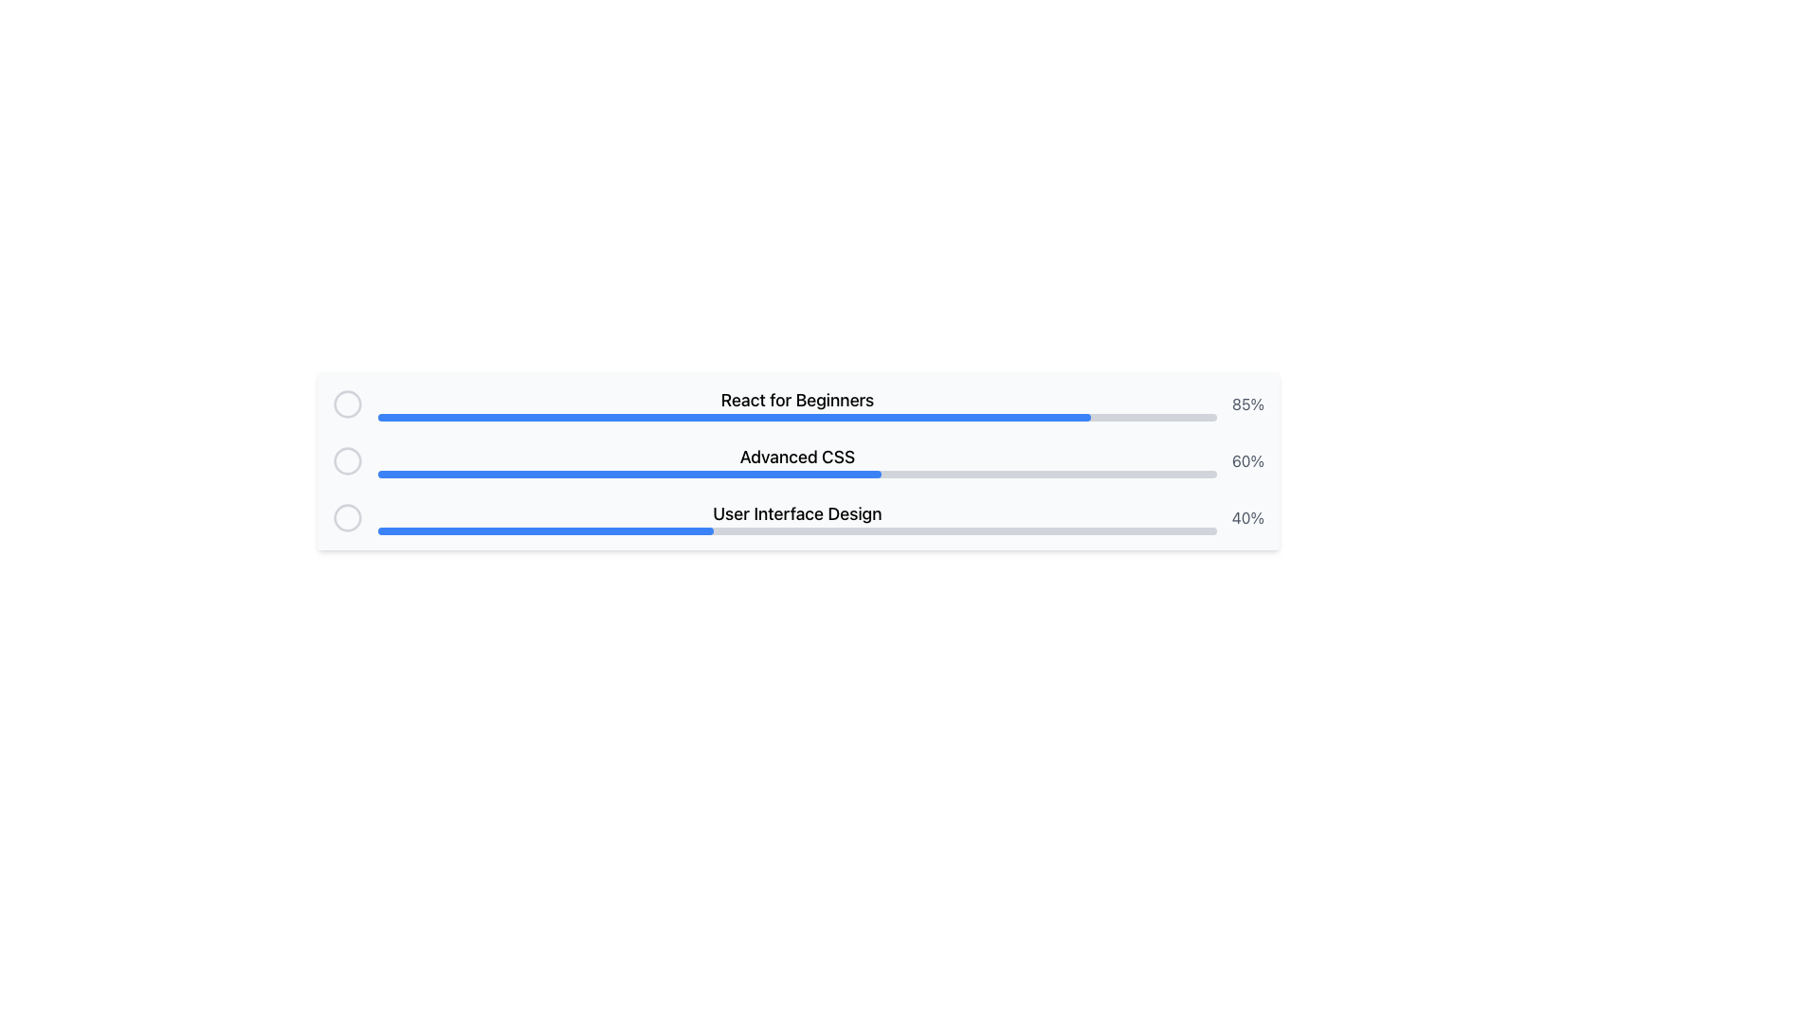  Describe the element at coordinates (734, 416) in the screenshot. I see `the first horizontal progress bar, which is blue and indicates 85% completion, located at the topmost position within its vertical stack of progress bars` at that location.